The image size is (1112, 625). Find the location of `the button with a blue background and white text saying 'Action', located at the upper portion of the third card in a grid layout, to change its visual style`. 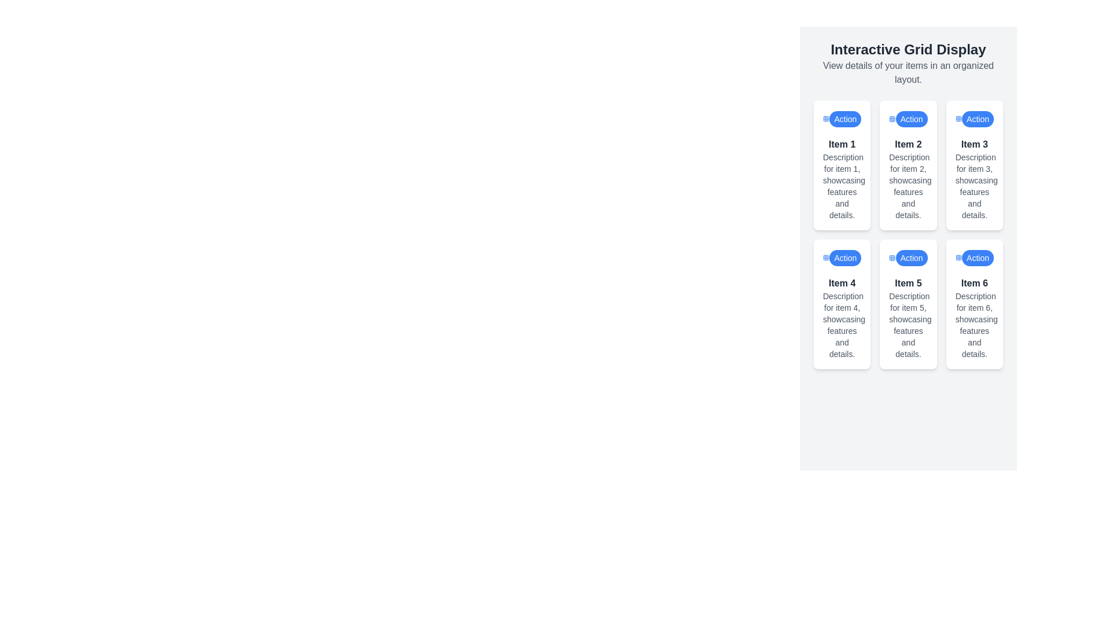

the button with a blue background and white text saying 'Action', located at the upper portion of the third card in a grid layout, to change its visual style is located at coordinates (974, 119).